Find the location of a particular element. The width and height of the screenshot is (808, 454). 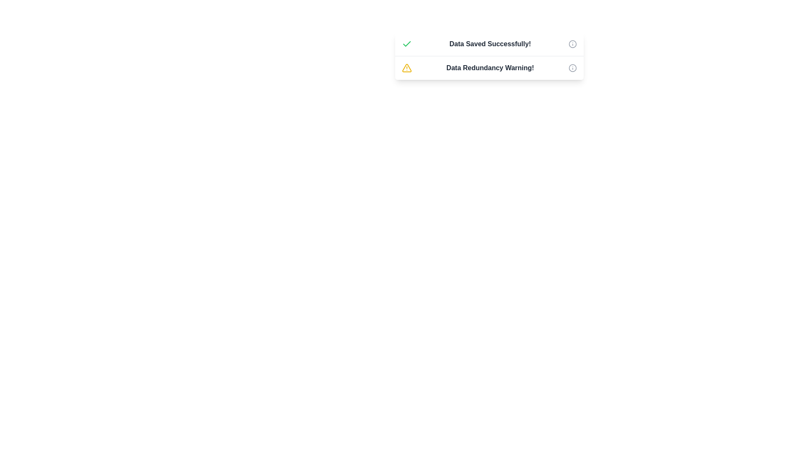

the toggle button to hide the alert details is located at coordinates (572, 44).